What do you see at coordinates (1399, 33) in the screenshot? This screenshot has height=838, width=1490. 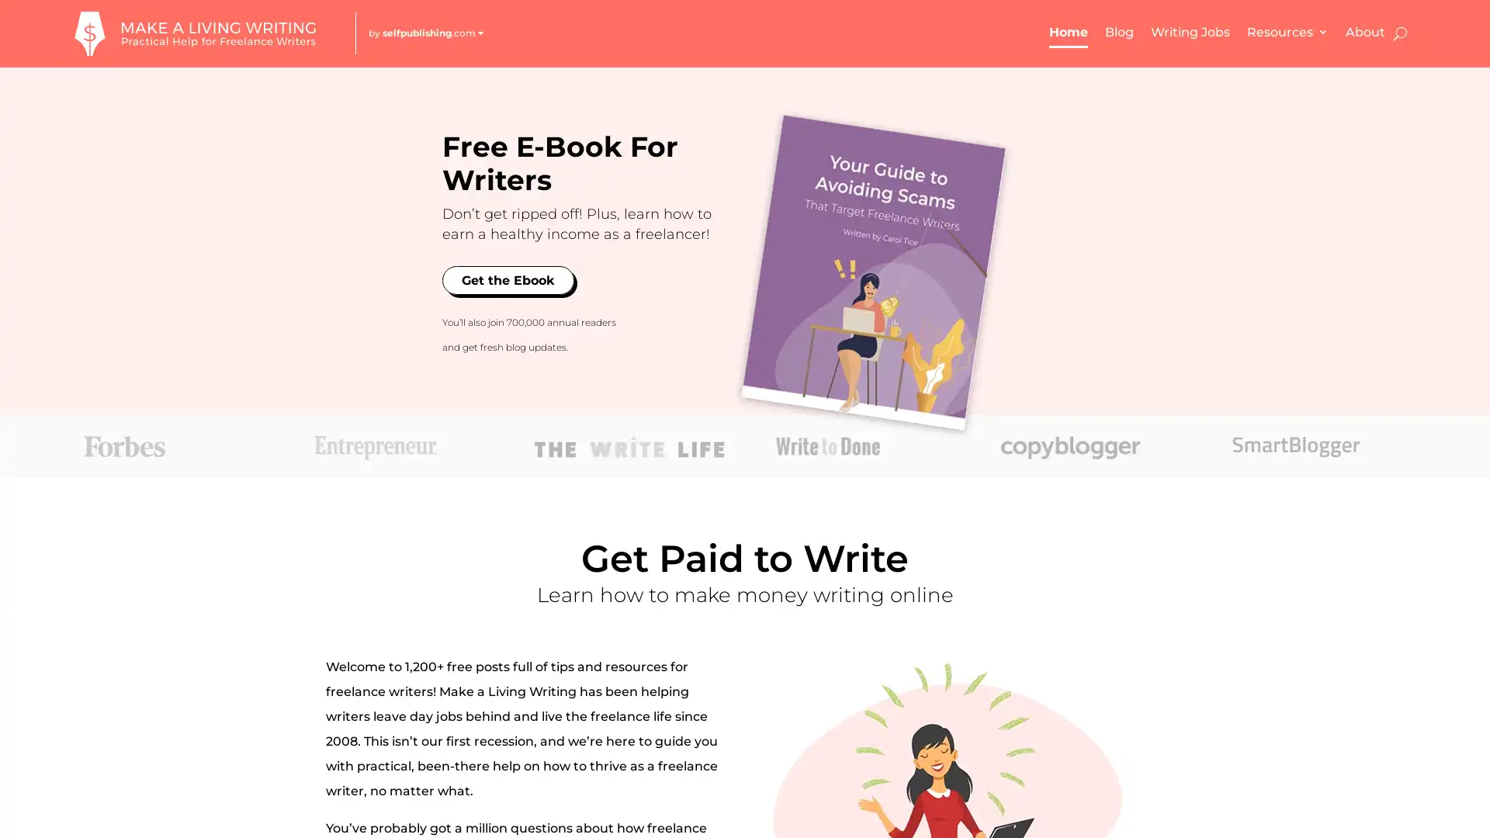 I see `U` at bounding box center [1399, 33].